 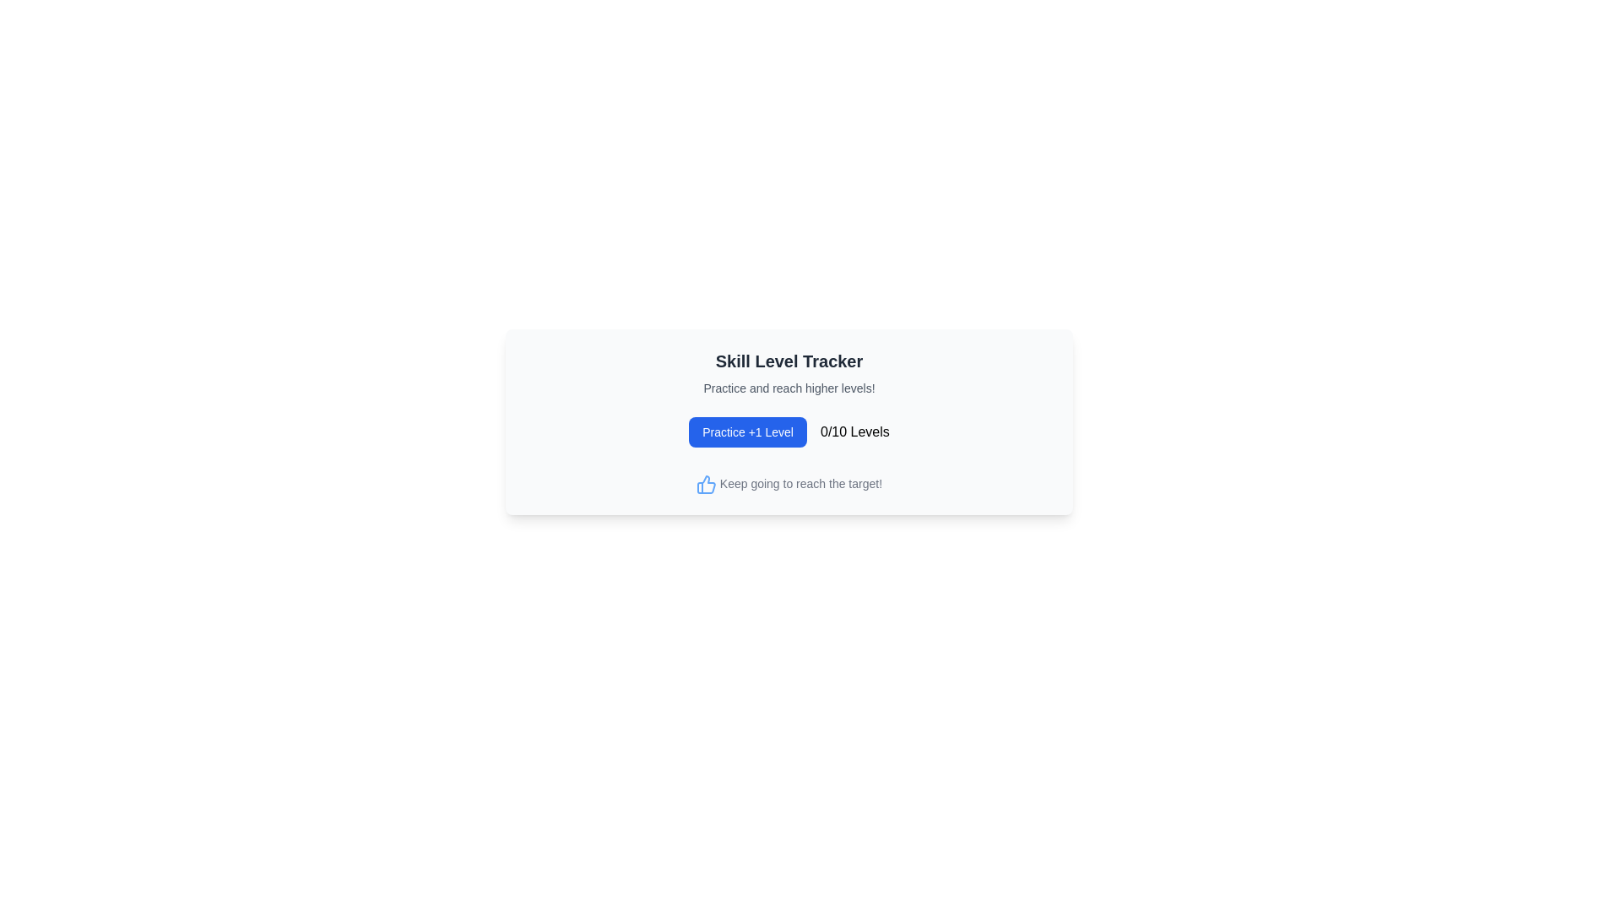 What do you see at coordinates (706, 485) in the screenshot?
I see `the decorative encouragement icon located to the left of the message 'Keep going to reach the target!'` at bounding box center [706, 485].